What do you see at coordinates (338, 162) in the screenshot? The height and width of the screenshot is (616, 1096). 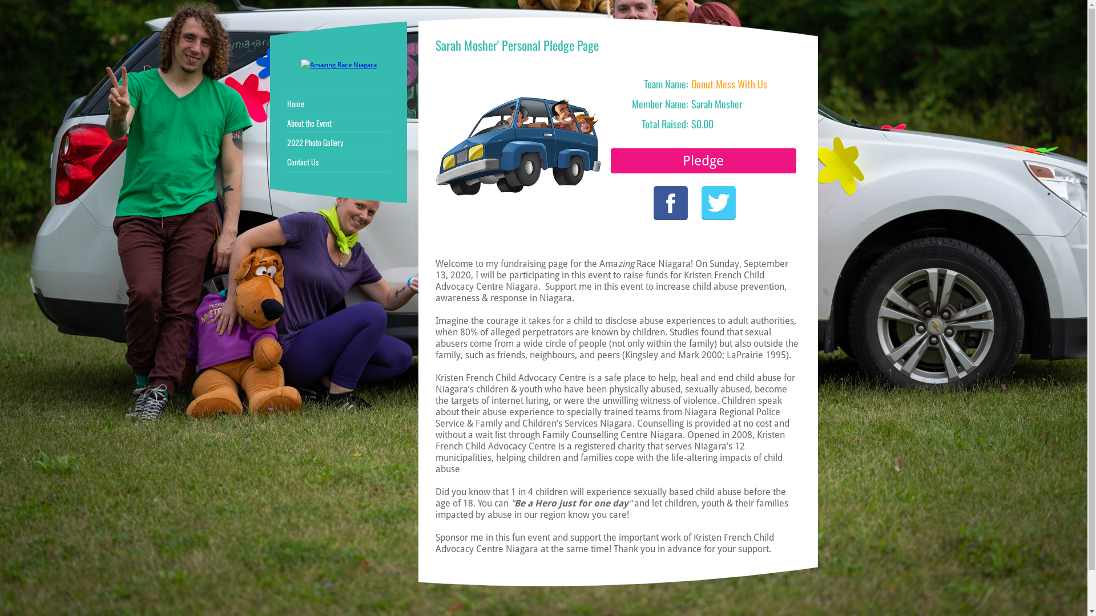 I see `'Contact Us'` at bounding box center [338, 162].